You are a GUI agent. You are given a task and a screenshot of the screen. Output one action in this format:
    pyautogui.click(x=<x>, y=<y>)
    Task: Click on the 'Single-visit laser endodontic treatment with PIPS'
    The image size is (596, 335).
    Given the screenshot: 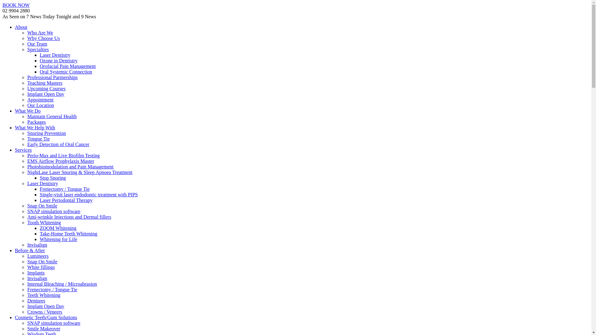 What is the action you would take?
    pyautogui.click(x=88, y=194)
    